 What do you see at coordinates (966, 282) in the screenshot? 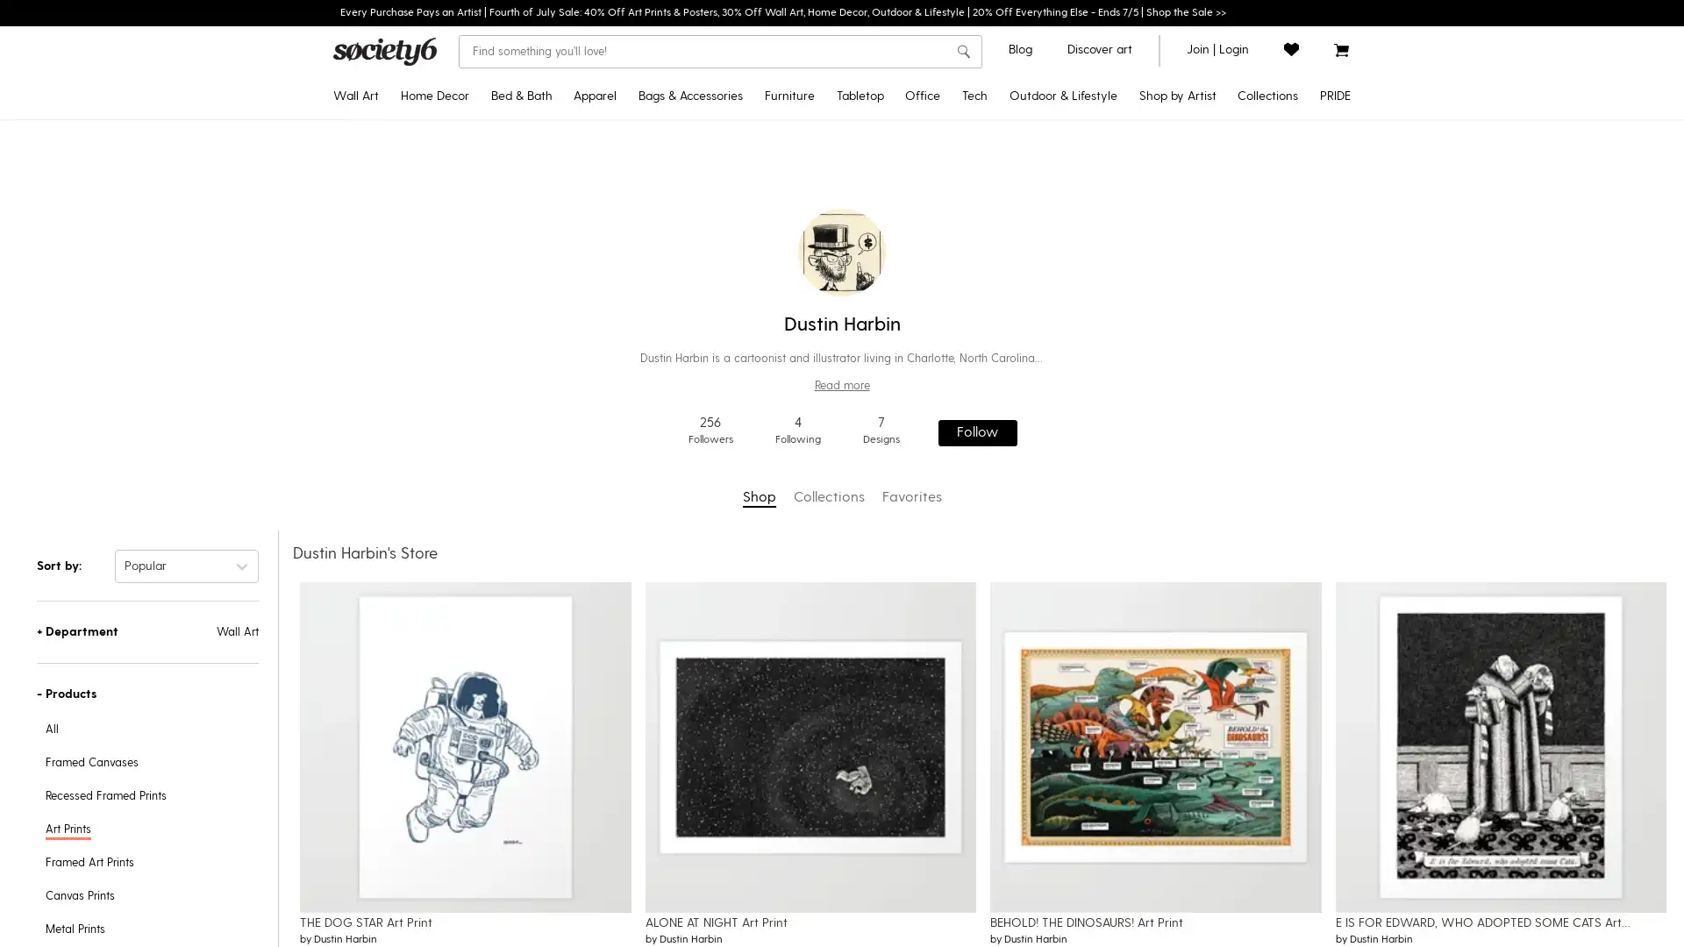
I see `Acrylic Boxes` at bounding box center [966, 282].